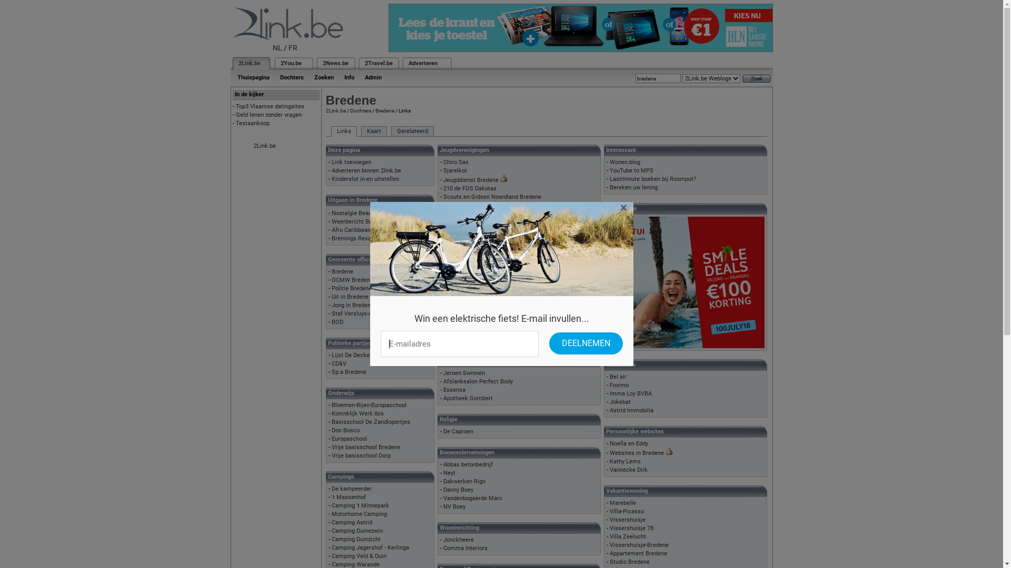 This screenshot has height=568, width=1011. Describe the element at coordinates (627, 519) in the screenshot. I see `'Vissershuisje'` at that location.